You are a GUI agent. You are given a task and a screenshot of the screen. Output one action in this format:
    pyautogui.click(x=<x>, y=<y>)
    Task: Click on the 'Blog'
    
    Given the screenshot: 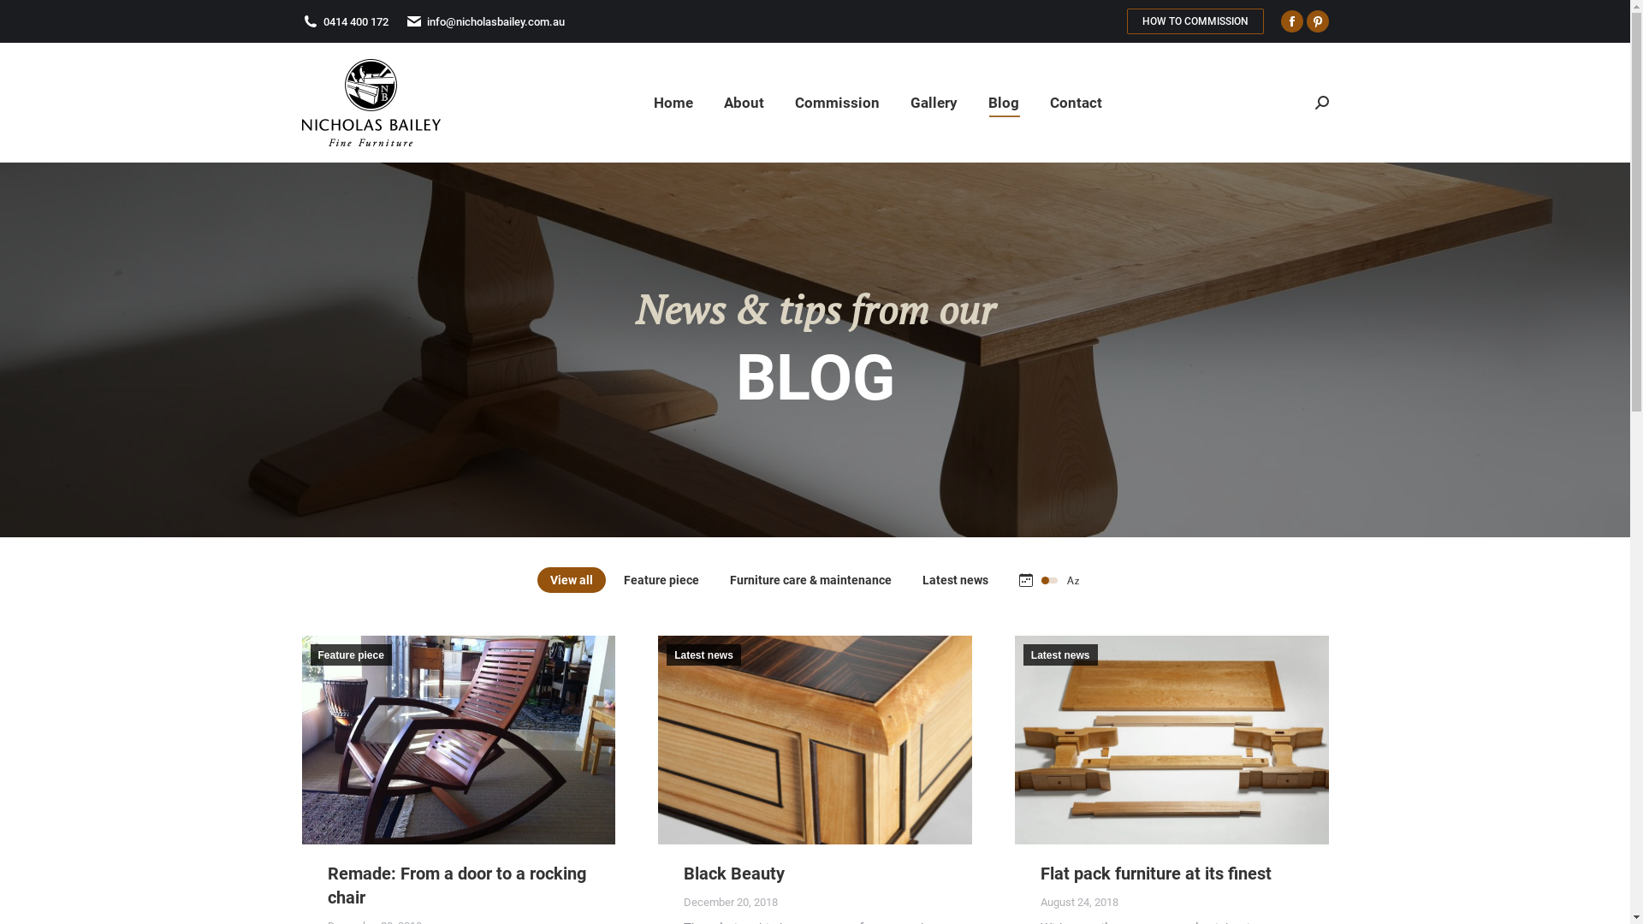 What is the action you would take?
    pyautogui.click(x=1002, y=102)
    